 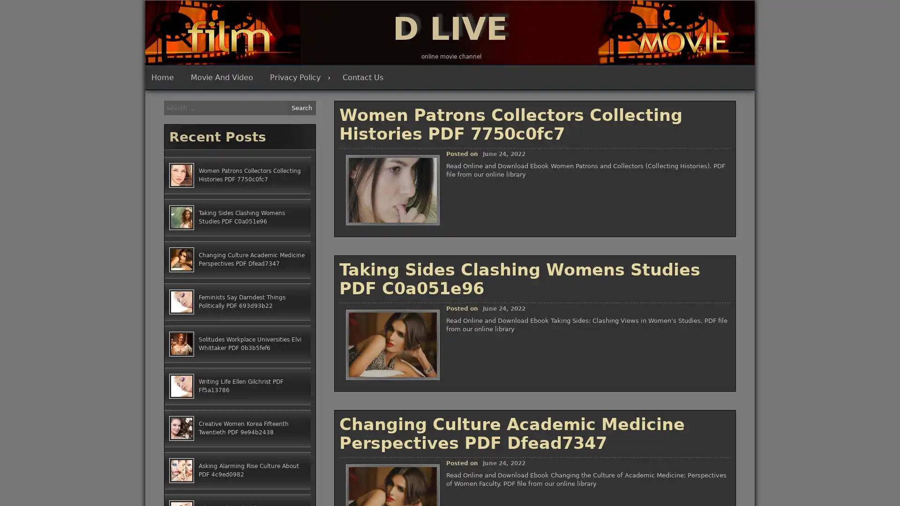 I want to click on Search, so click(x=301, y=107).